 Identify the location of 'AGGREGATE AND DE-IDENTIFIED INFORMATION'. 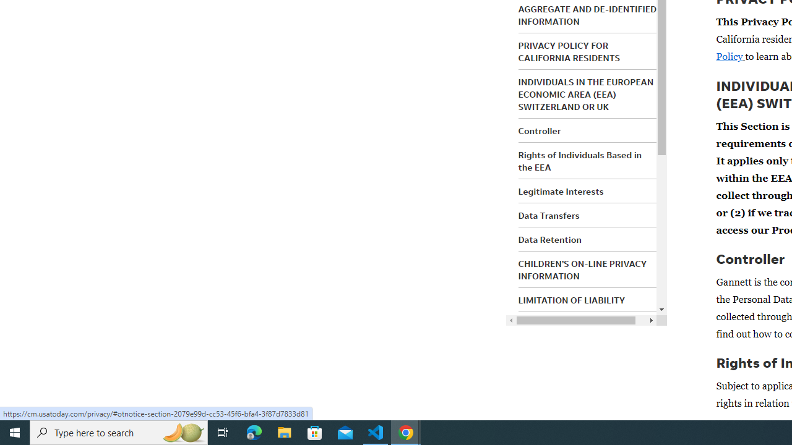
(587, 15).